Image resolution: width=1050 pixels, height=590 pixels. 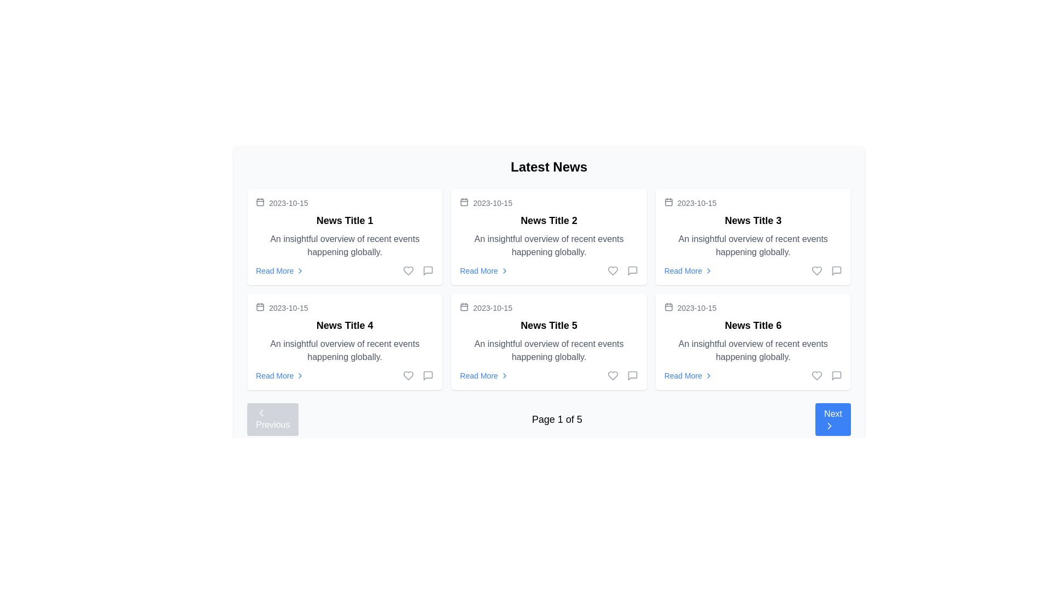 I want to click on the interactive icon located in the bottom-right corner of the 'News Title 6' card, so click(x=836, y=375).